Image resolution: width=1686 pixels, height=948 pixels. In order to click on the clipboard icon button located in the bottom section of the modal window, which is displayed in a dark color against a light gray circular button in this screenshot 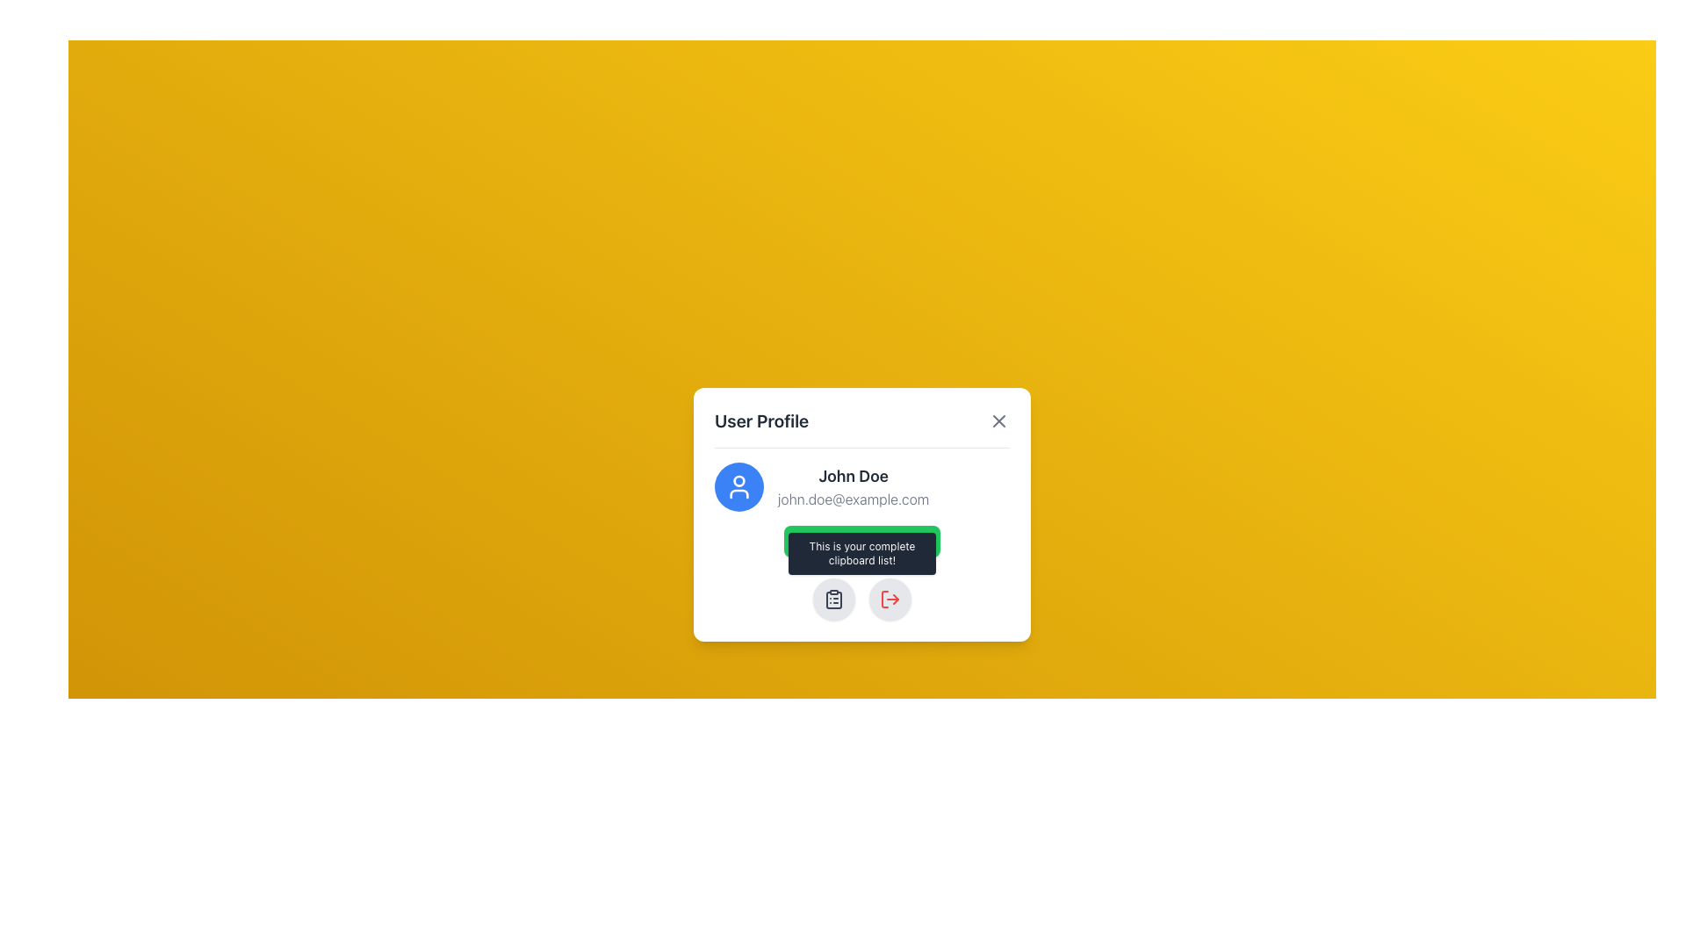, I will do `click(833, 598)`.